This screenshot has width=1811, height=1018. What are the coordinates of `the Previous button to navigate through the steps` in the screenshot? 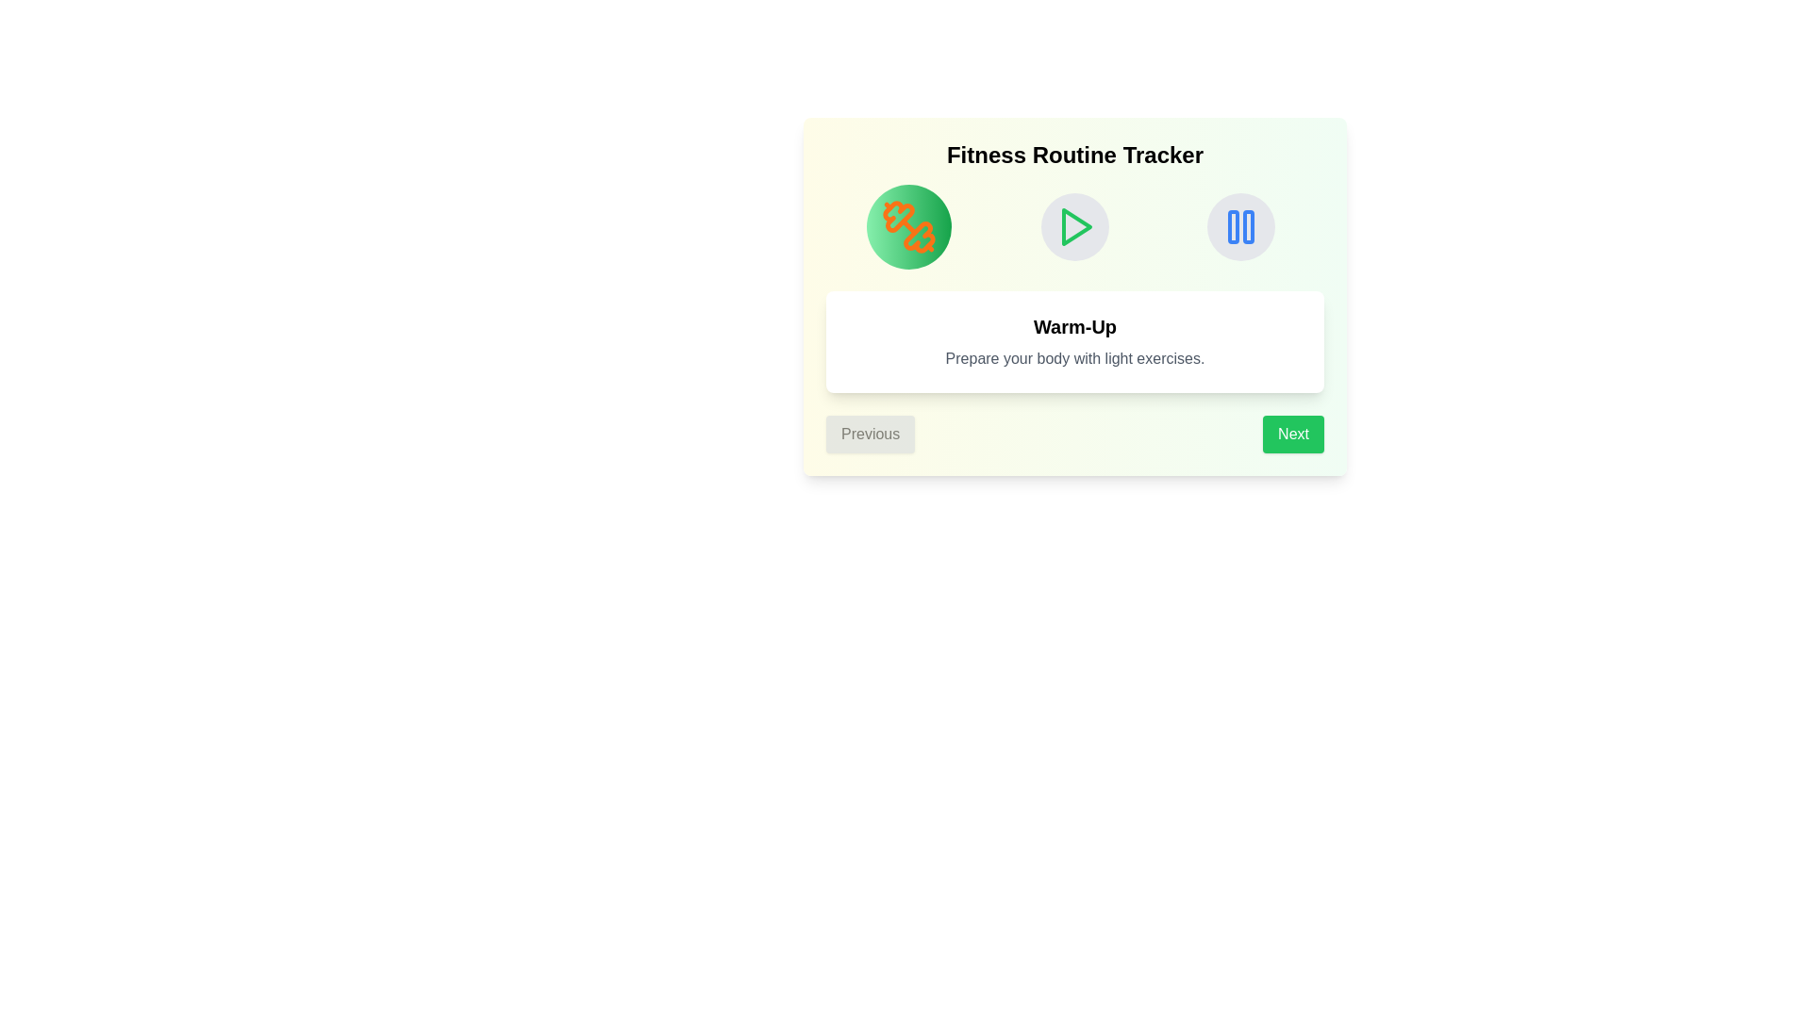 It's located at (870, 435).